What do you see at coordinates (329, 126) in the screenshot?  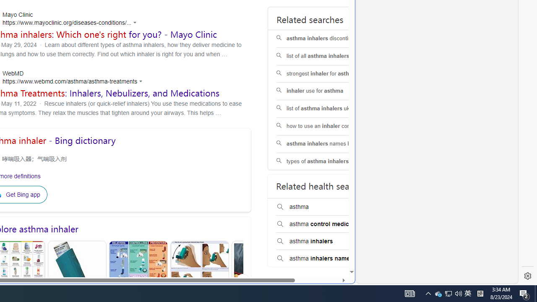 I see `'how to use an inhaler correctly'` at bounding box center [329, 126].